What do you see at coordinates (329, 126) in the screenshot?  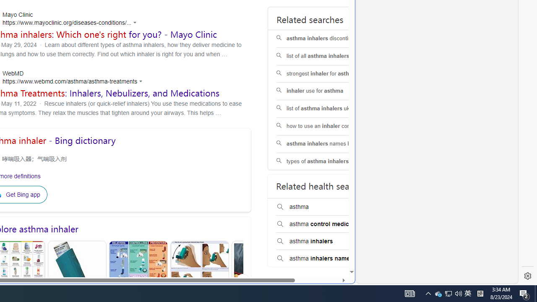 I see `'how to use an inhaler correctly'` at bounding box center [329, 126].